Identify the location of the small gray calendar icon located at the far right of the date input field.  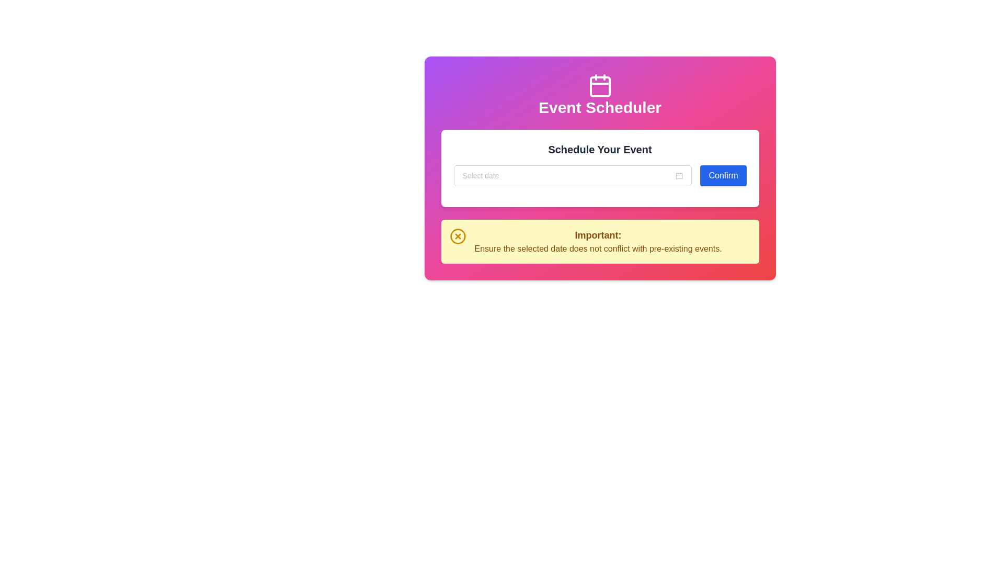
(679, 175).